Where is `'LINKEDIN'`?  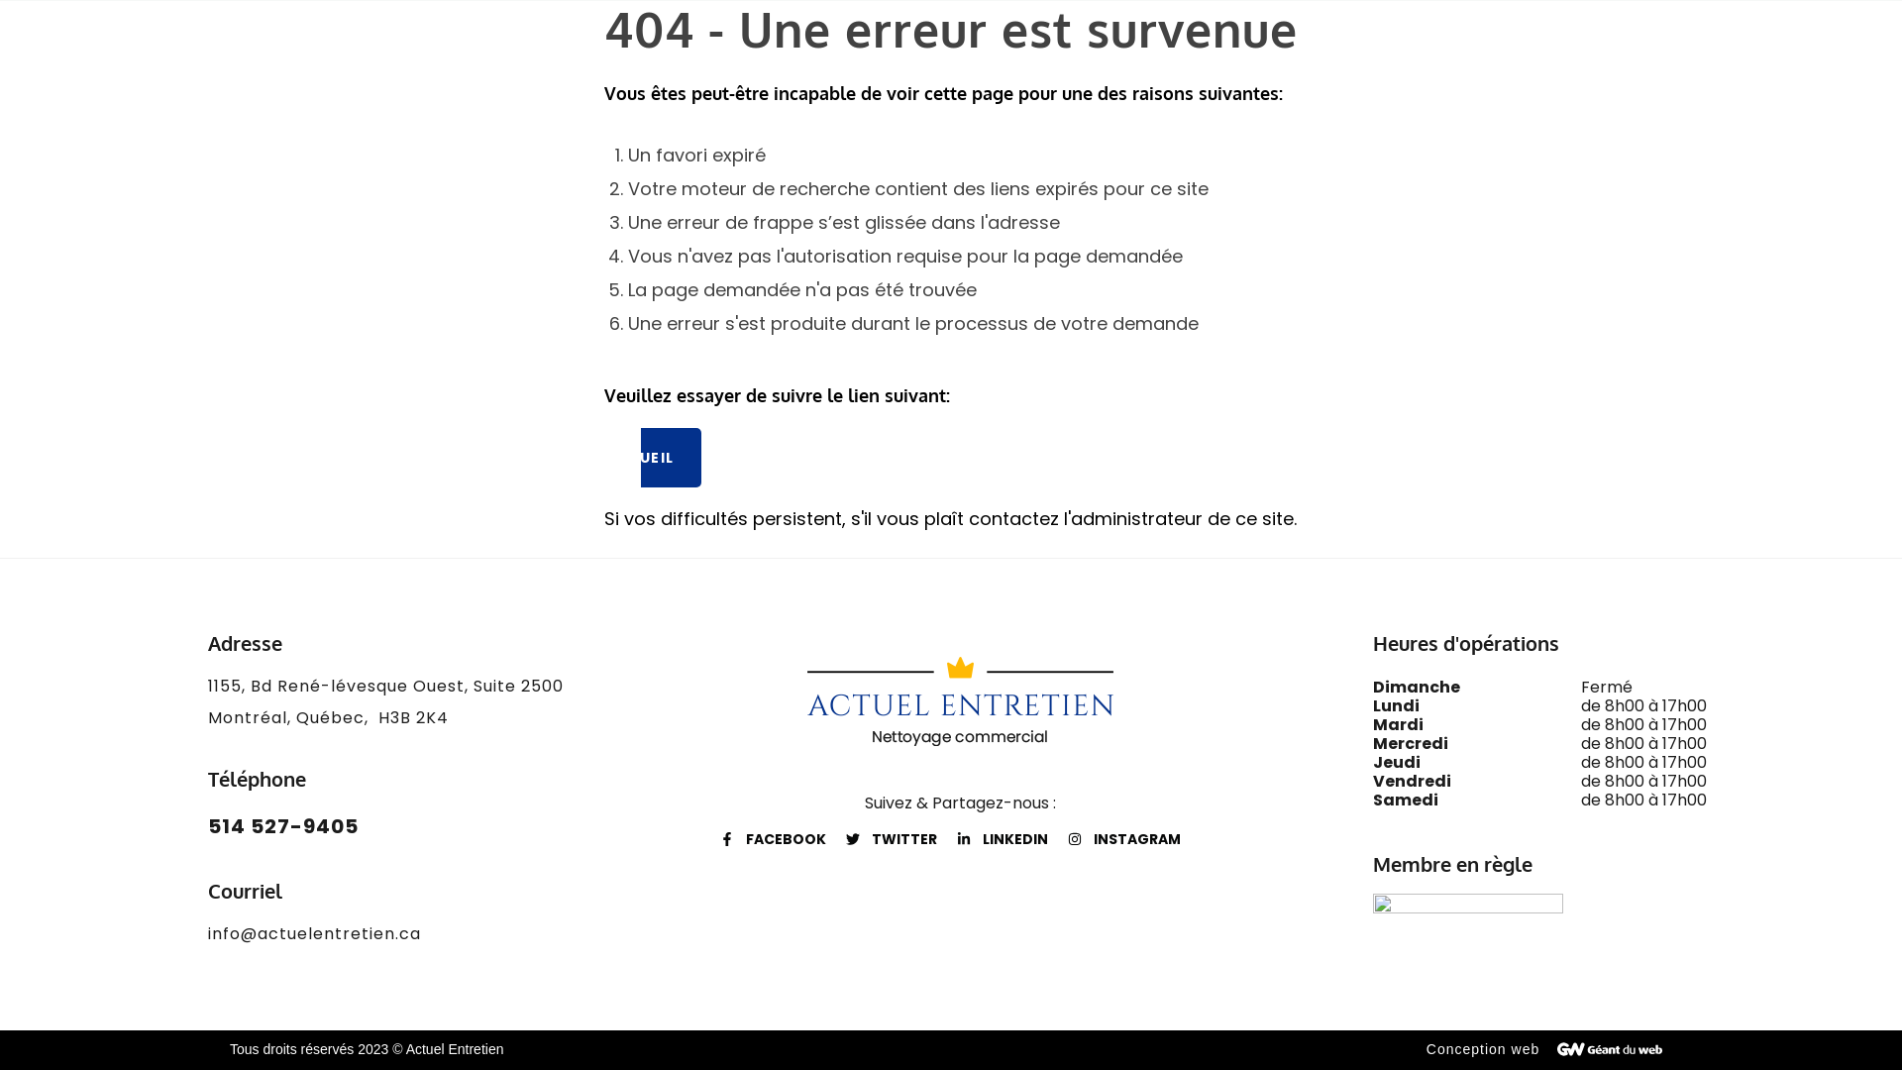 'LINKEDIN' is located at coordinates (956, 840).